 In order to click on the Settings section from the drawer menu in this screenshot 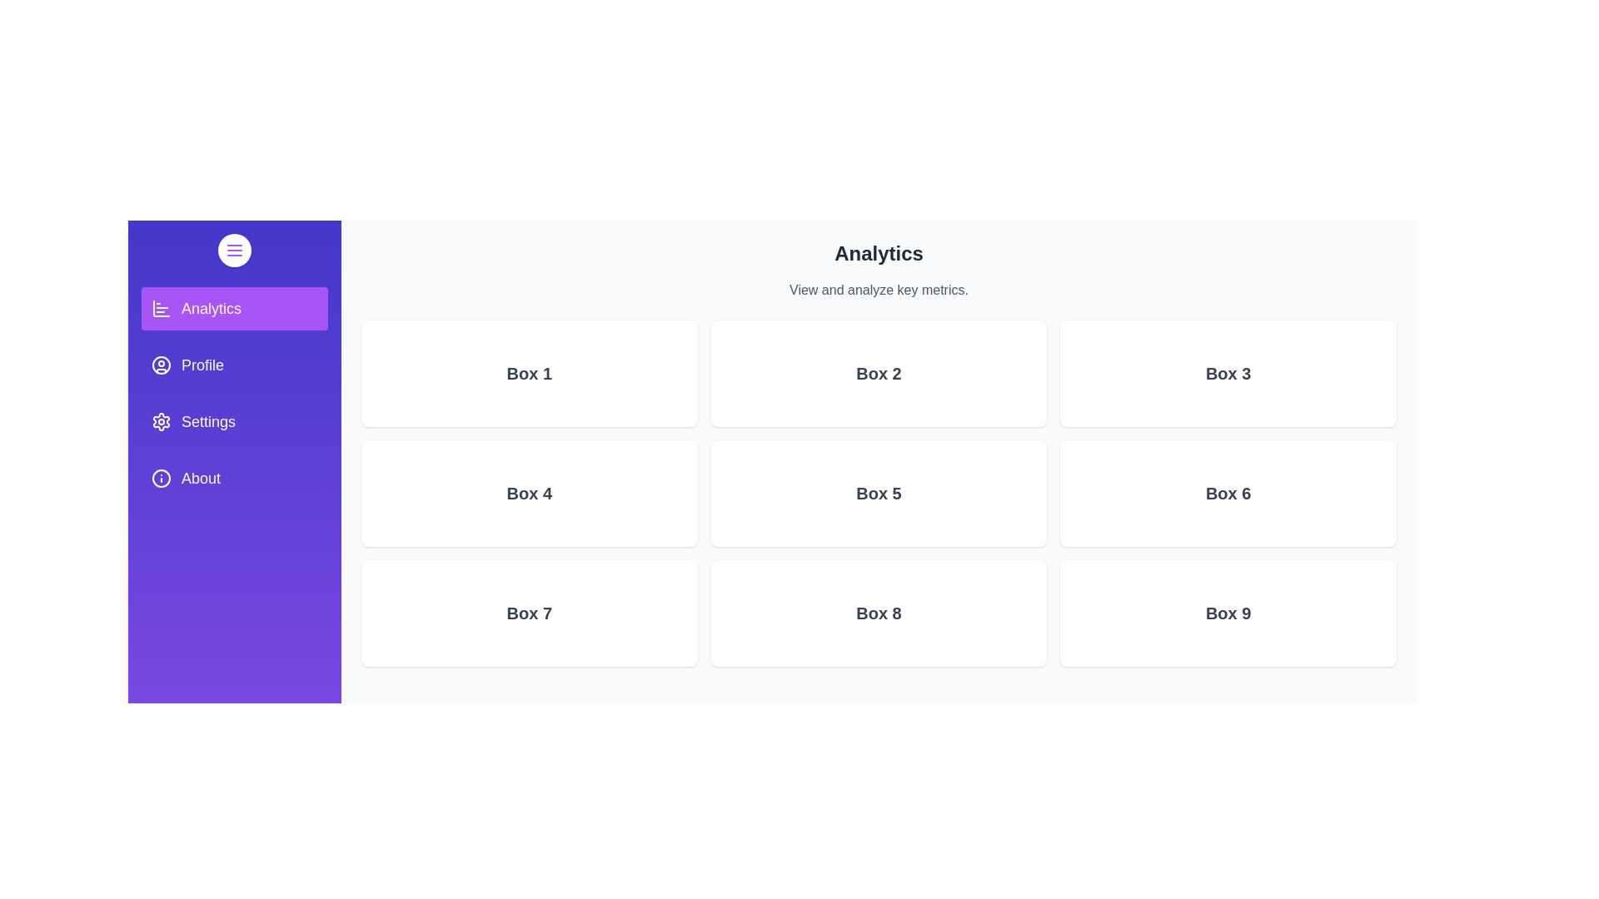, I will do `click(234, 420)`.